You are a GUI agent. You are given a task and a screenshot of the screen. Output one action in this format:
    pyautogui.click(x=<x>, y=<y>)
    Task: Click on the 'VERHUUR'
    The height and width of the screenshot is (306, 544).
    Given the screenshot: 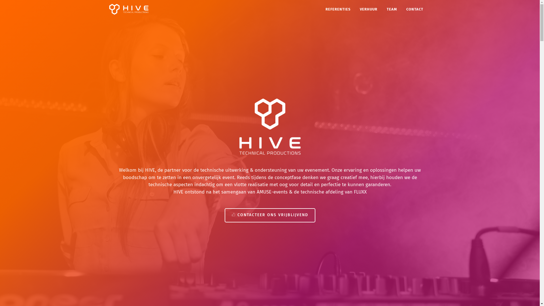 What is the action you would take?
    pyautogui.click(x=368, y=9)
    